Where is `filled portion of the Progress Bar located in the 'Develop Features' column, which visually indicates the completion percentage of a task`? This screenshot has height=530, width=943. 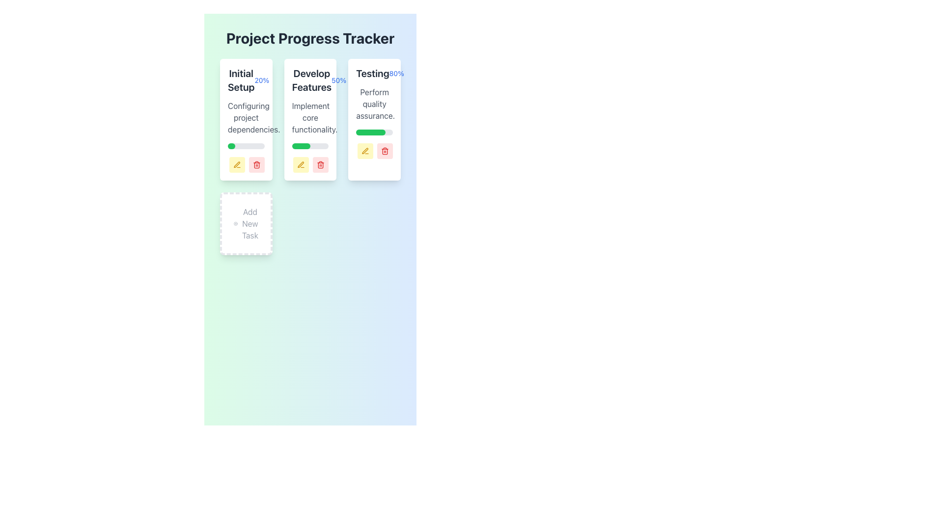 filled portion of the Progress Bar located in the 'Develop Features' column, which visually indicates the completion percentage of a task is located at coordinates (301, 146).